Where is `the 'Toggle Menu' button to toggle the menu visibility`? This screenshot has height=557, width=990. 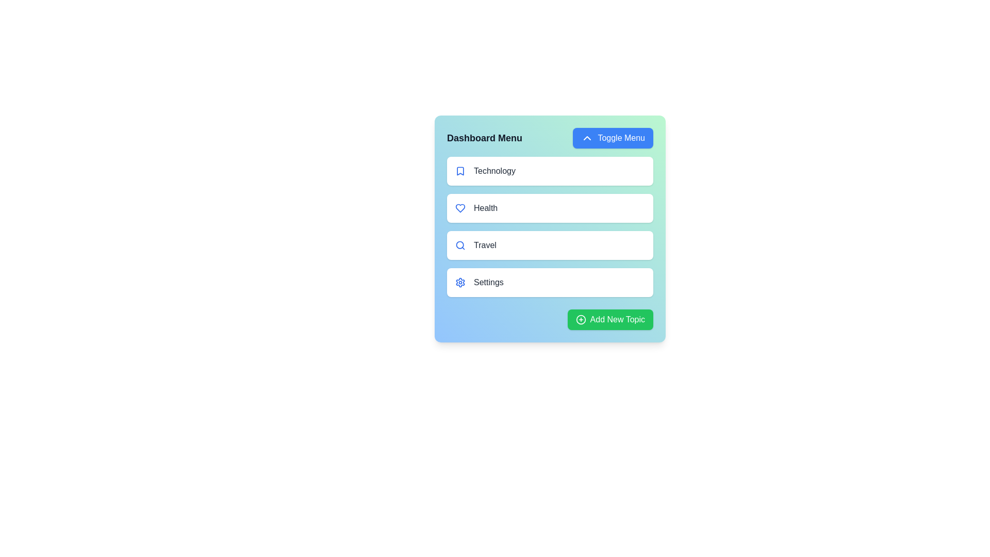
the 'Toggle Menu' button to toggle the menu visibility is located at coordinates (613, 137).